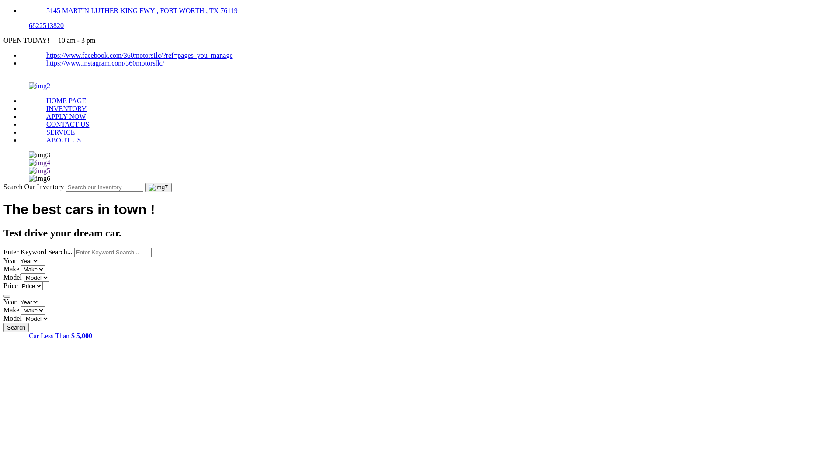 The width and height of the screenshot is (839, 472). I want to click on 'Search', so click(16, 327).